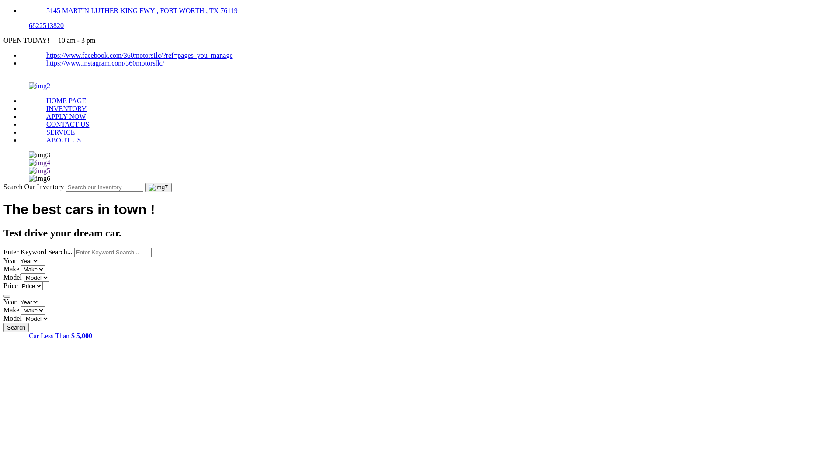 The width and height of the screenshot is (839, 472). I want to click on 'Search', so click(16, 327).